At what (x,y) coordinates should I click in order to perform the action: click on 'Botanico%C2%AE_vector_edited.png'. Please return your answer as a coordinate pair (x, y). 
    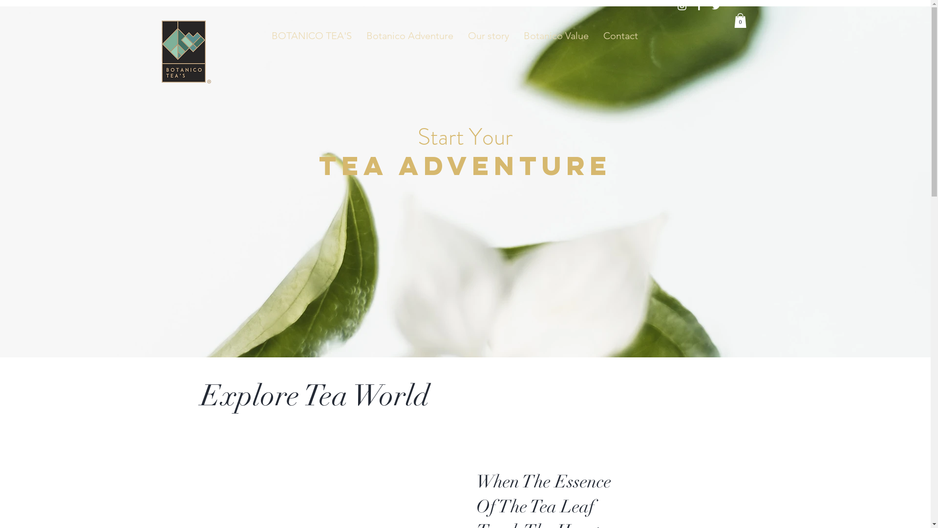
    Looking at the image, I should click on (183, 51).